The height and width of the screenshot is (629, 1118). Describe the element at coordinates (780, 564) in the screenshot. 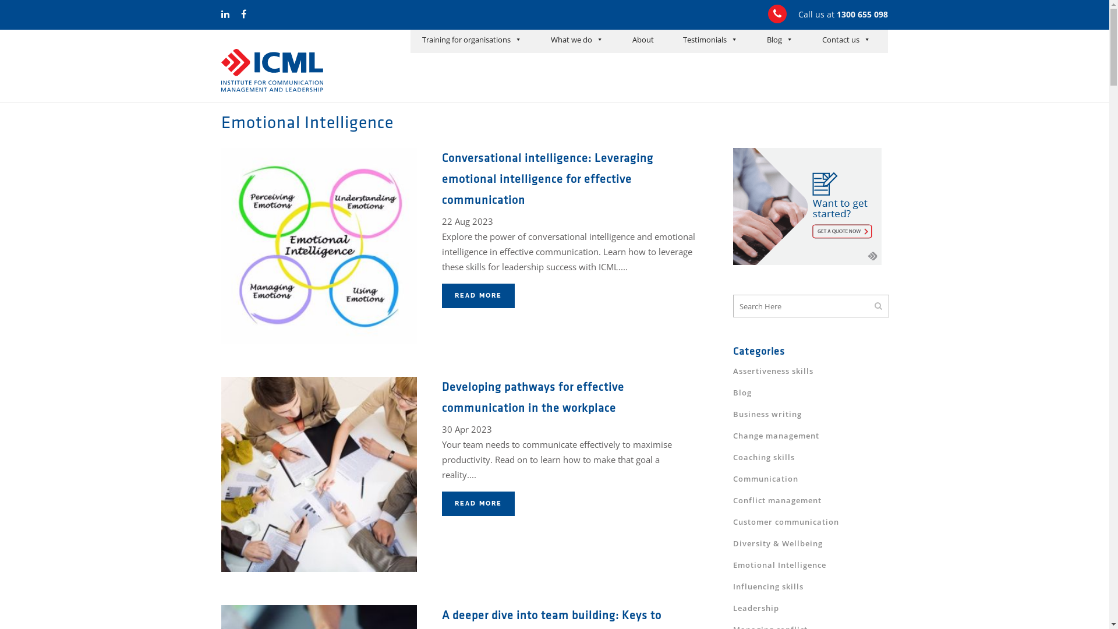

I see `'Emotional Intelligence'` at that location.